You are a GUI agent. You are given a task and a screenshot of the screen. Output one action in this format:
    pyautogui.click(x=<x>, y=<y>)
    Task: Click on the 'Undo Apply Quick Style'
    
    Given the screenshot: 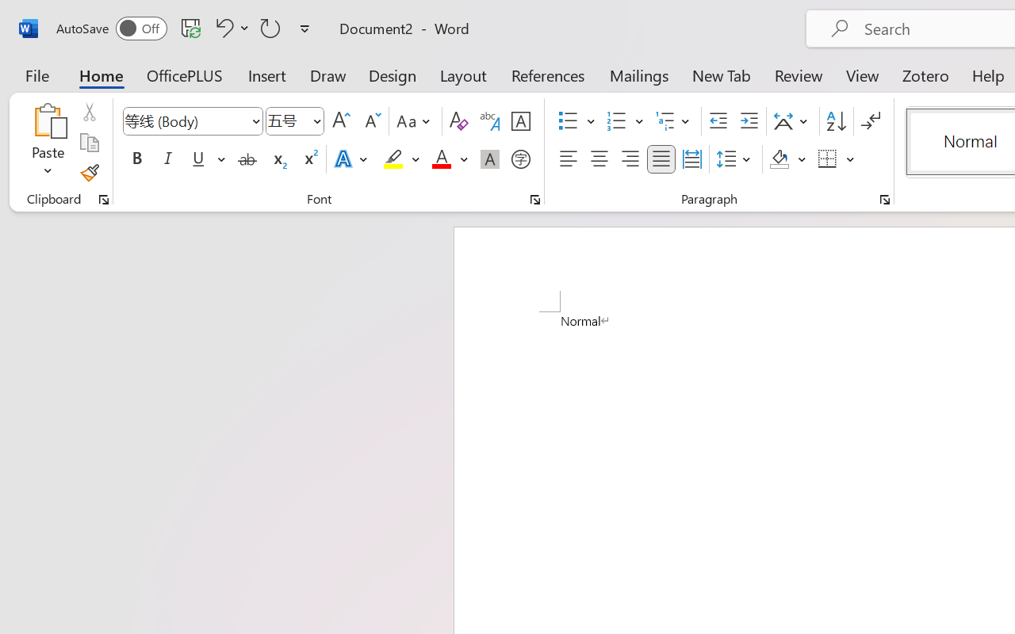 What is the action you would take?
    pyautogui.click(x=229, y=27)
    